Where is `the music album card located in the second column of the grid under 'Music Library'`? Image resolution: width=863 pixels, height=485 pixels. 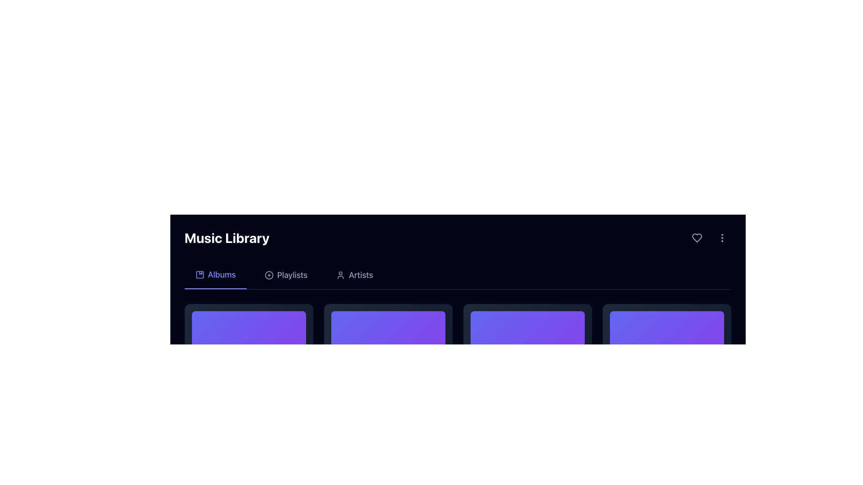
the music album card located in the second column of the grid under 'Music Library' is located at coordinates (388, 388).